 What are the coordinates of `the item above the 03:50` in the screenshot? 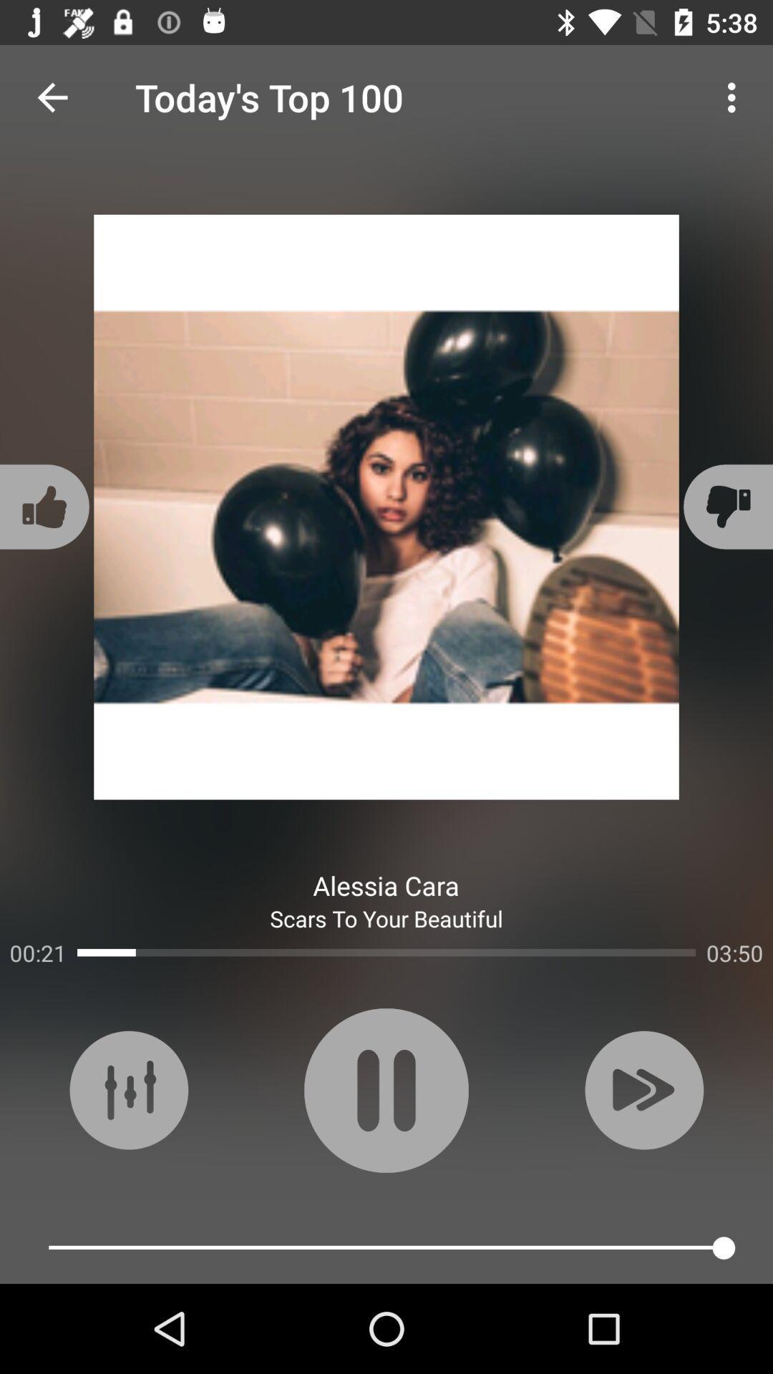 It's located at (726, 507).